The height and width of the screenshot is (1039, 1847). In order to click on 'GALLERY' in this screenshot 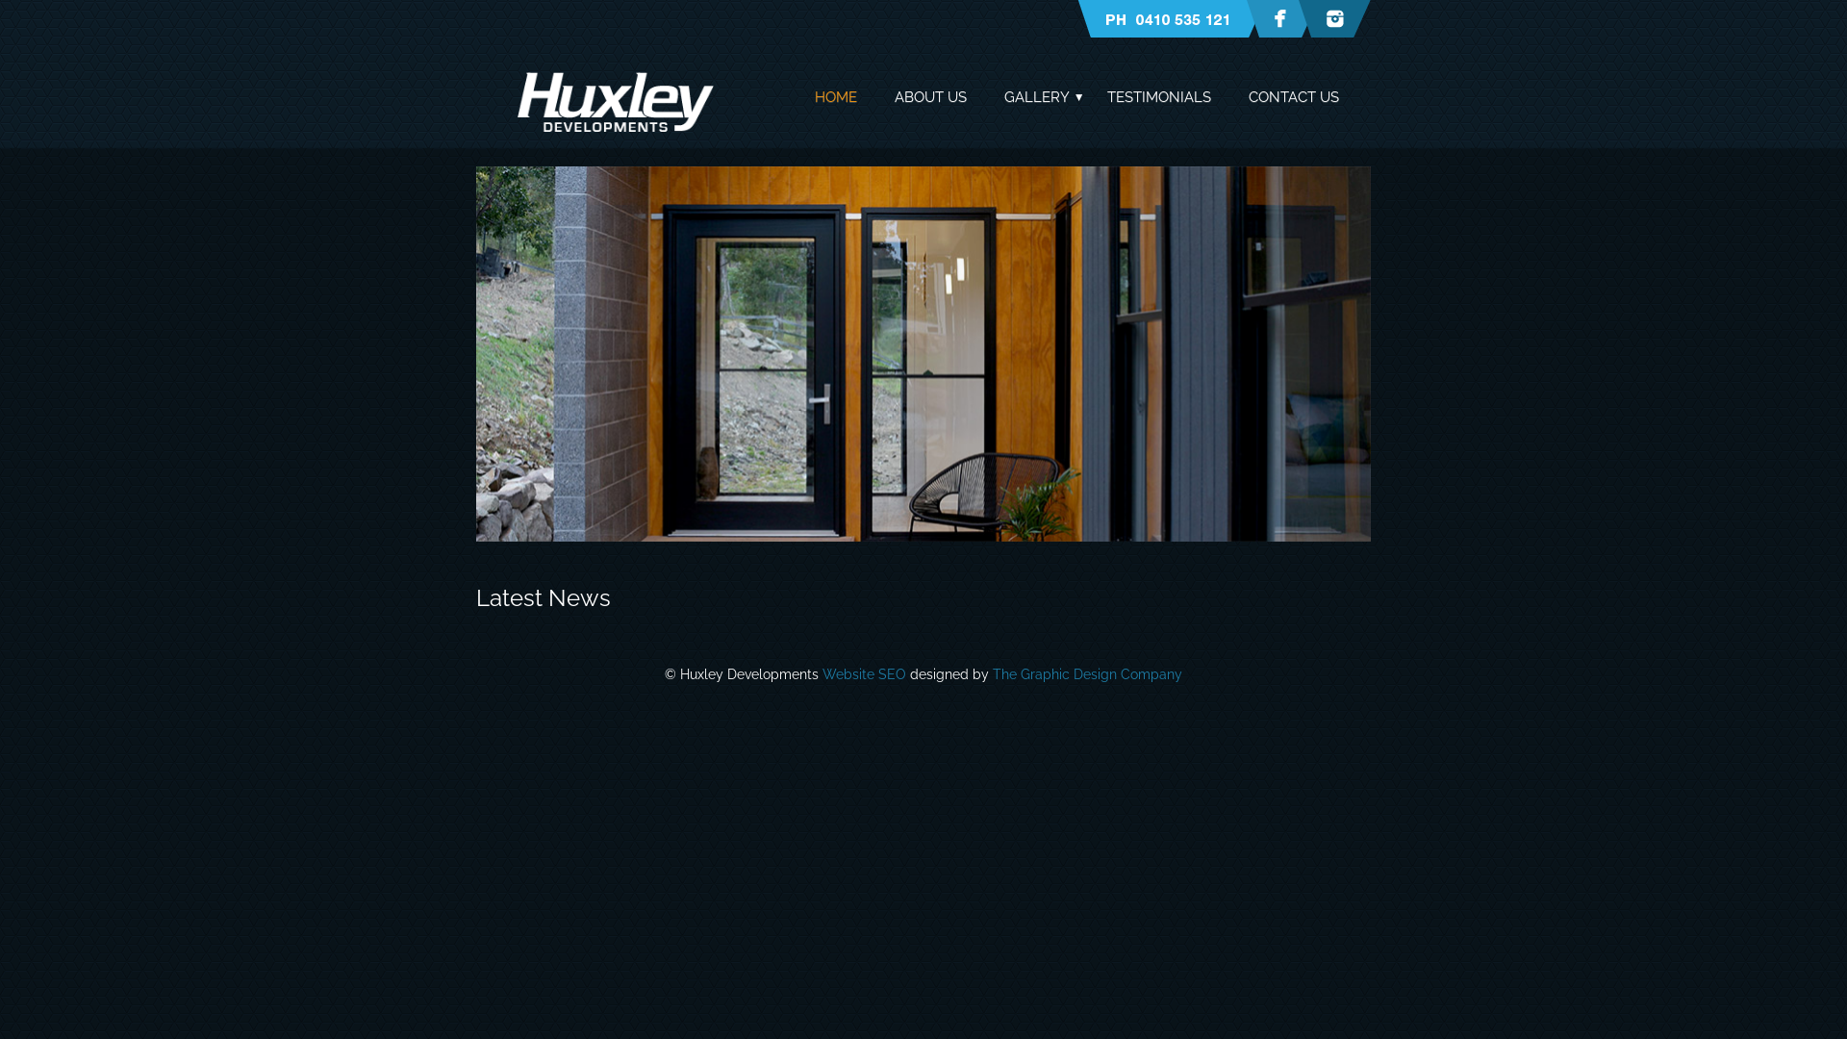, I will do `click(1036, 97)`.